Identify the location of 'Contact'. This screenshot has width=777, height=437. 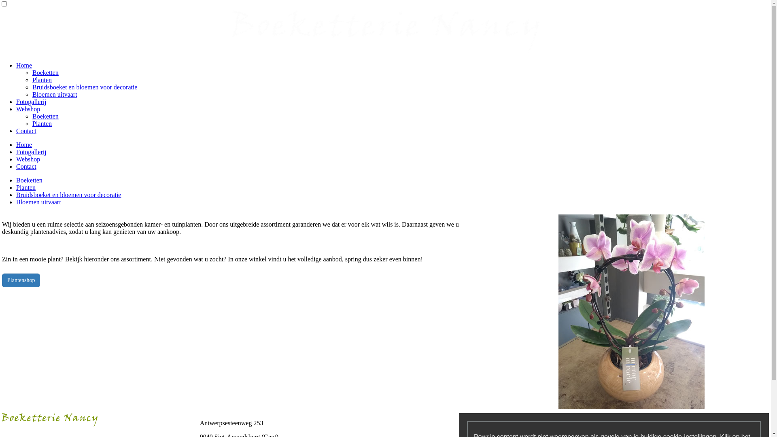
(26, 166).